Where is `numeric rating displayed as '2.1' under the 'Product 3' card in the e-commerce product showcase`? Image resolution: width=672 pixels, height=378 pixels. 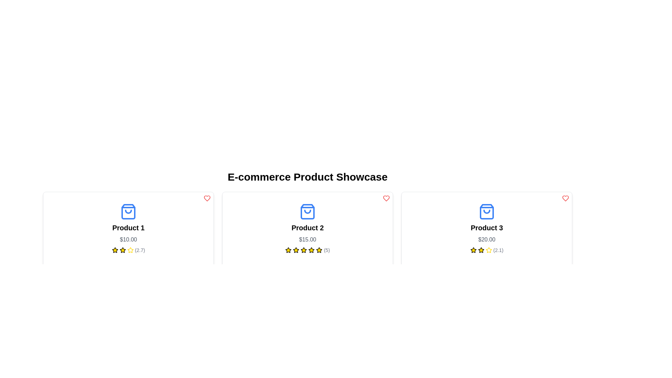 numeric rating displayed as '2.1' under the 'Product 3' card in the e-commerce product showcase is located at coordinates (498, 250).